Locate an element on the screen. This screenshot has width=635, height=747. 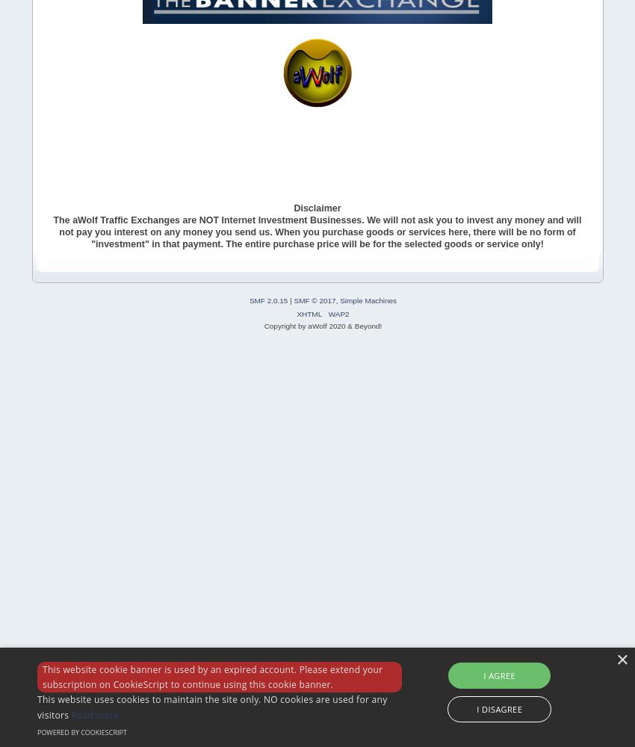
'|' is located at coordinates (287, 300).